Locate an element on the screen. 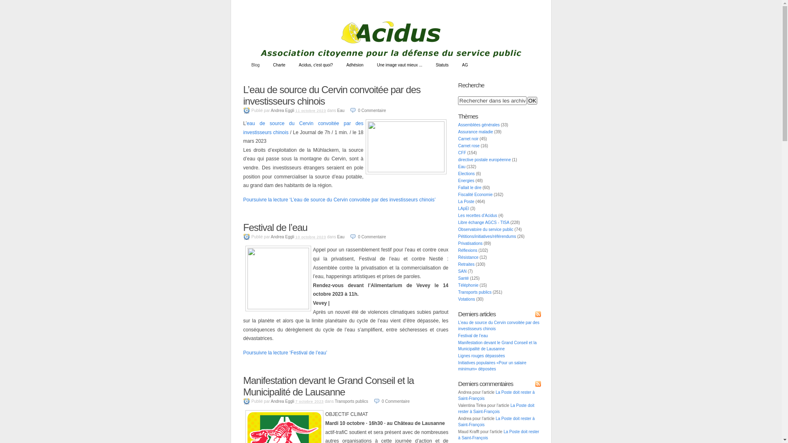 The image size is (788, 443). 'Privatisations' is located at coordinates (470, 243).